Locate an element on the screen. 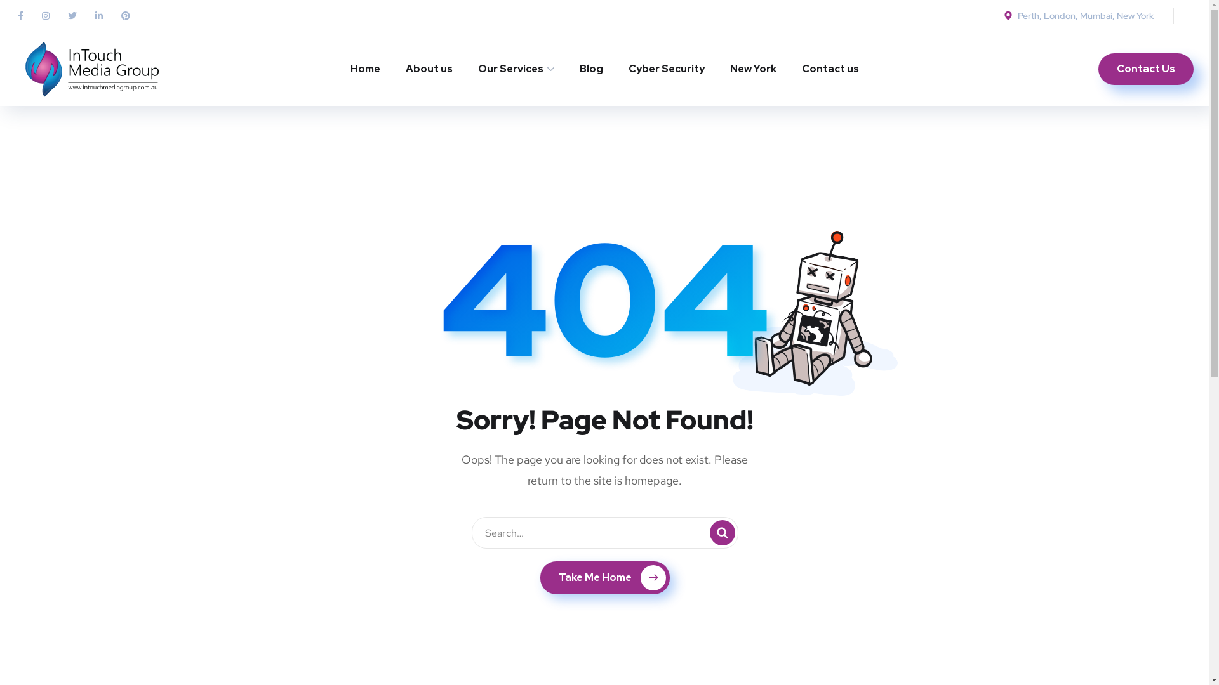 The width and height of the screenshot is (1219, 685). 'Take Me Home' is located at coordinates (603, 577).